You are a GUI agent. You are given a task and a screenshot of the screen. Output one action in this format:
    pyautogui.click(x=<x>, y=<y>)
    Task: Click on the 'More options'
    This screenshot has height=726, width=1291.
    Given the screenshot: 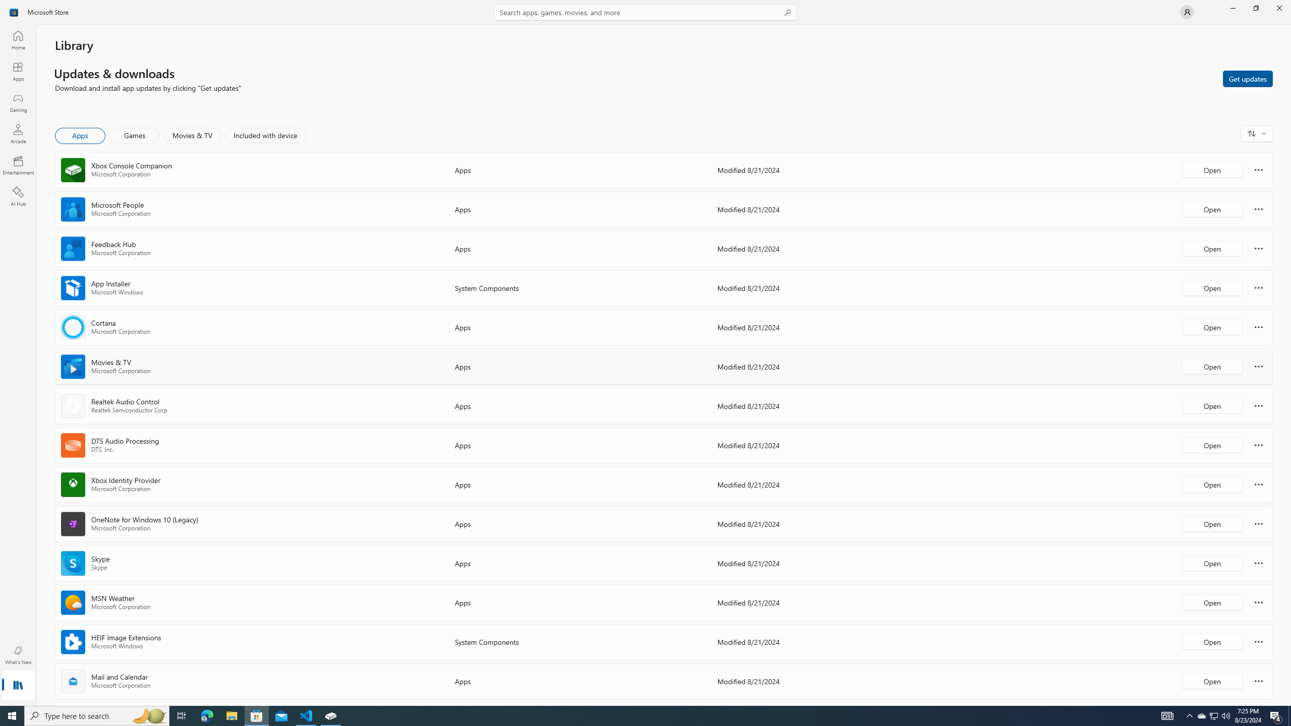 What is the action you would take?
    pyautogui.click(x=1258, y=680)
    